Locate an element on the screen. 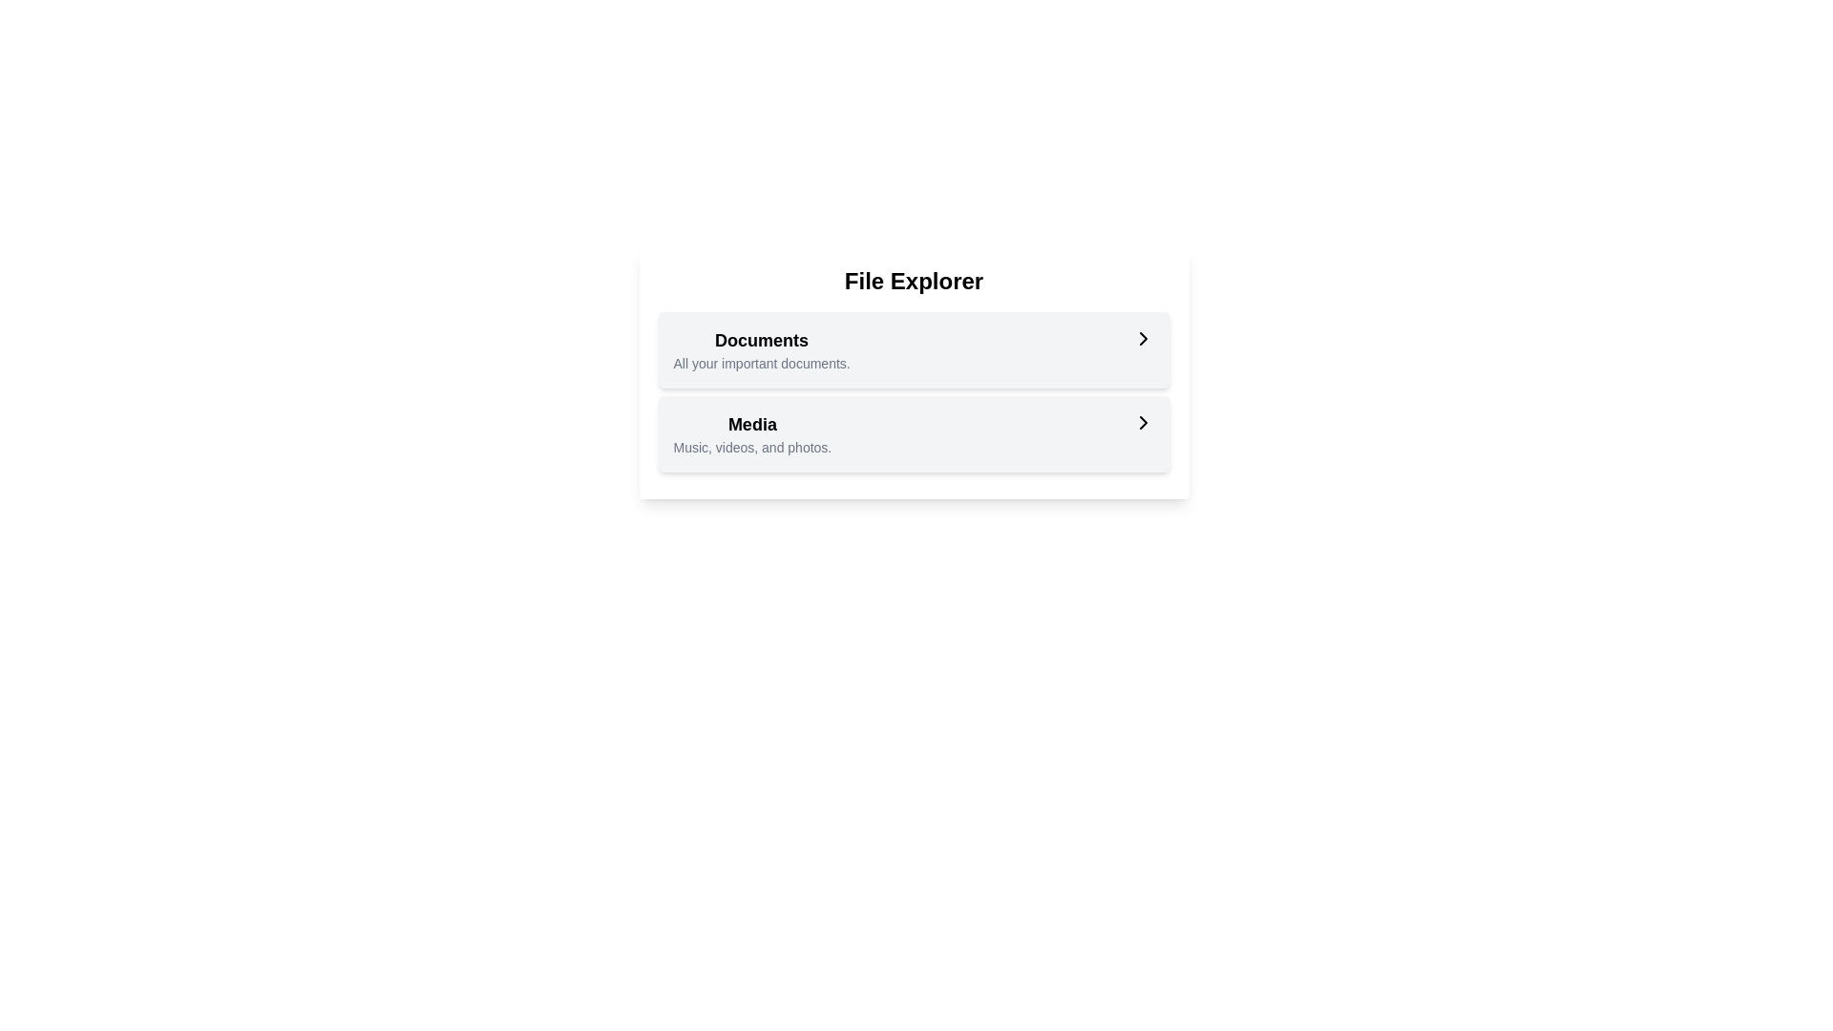 This screenshot has height=1031, width=1833. the navigation link labeled 'Documents' with a description 'All your important documents.' is located at coordinates (913, 349).